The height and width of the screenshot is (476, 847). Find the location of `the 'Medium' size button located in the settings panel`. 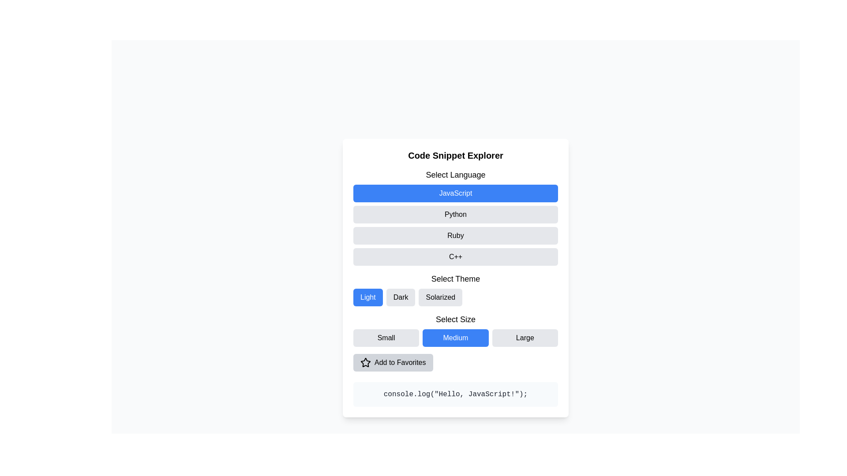

the 'Medium' size button located in the settings panel is located at coordinates (455, 338).